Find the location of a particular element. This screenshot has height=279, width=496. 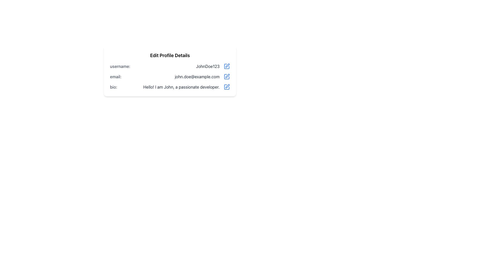

the blue pencil icon button located to the right of the email text 'john.doe@example.com' is located at coordinates (227, 77).